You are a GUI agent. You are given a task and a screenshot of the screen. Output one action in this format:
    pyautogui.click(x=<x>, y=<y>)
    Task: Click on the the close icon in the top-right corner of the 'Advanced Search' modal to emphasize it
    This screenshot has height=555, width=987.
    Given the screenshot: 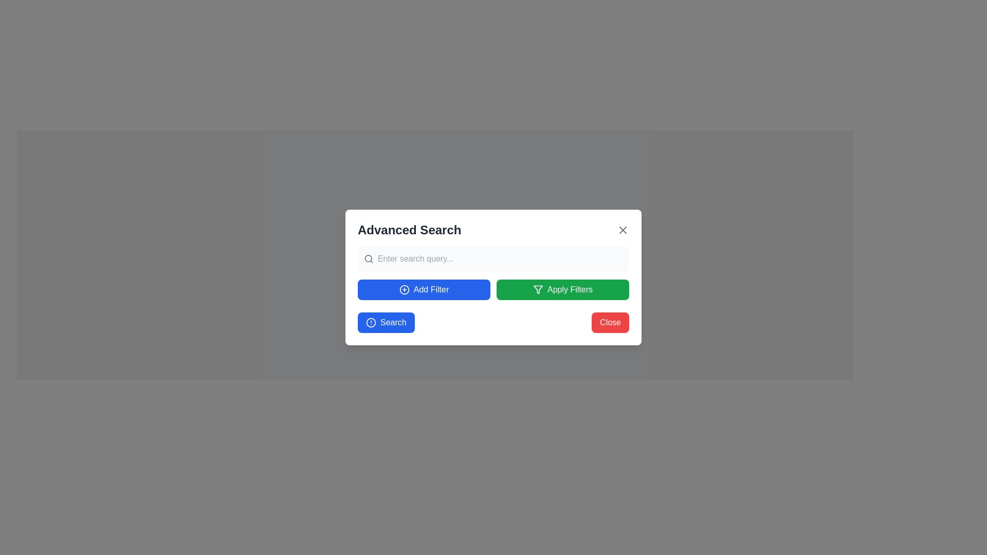 What is the action you would take?
    pyautogui.click(x=622, y=229)
    